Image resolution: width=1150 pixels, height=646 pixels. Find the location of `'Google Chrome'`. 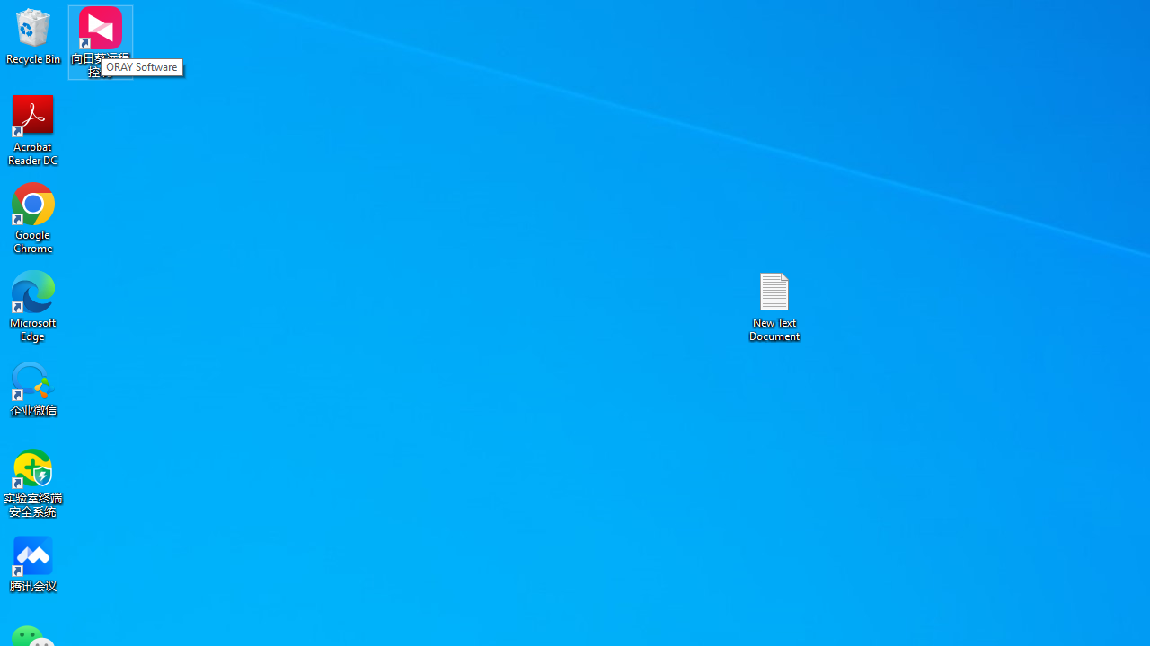

'Google Chrome' is located at coordinates (33, 217).